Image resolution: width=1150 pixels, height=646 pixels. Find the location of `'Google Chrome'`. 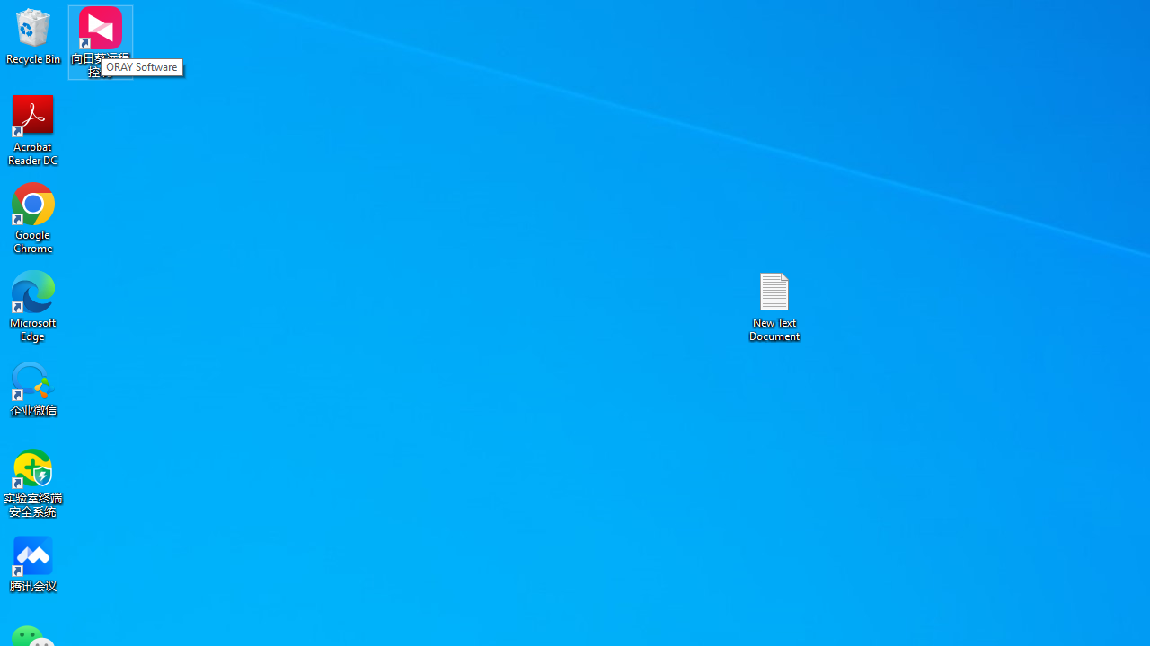

'Google Chrome' is located at coordinates (33, 217).